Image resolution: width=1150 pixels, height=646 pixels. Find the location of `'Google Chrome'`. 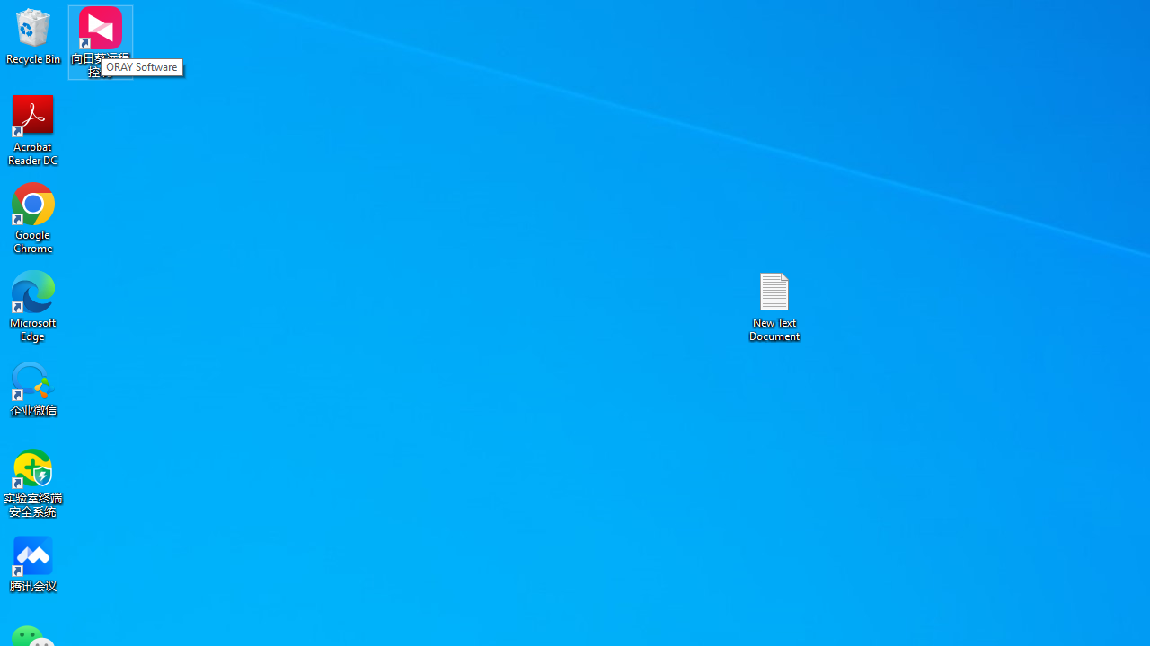

'Google Chrome' is located at coordinates (33, 217).